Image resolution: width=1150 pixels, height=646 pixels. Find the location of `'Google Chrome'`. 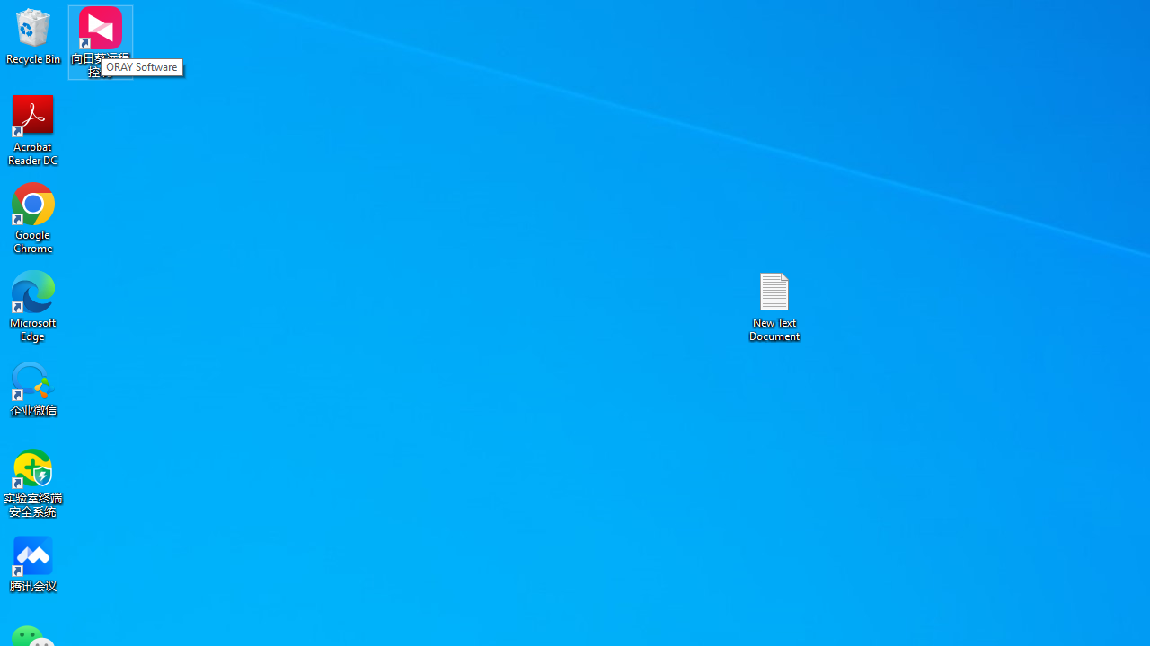

'Google Chrome' is located at coordinates (33, 217).